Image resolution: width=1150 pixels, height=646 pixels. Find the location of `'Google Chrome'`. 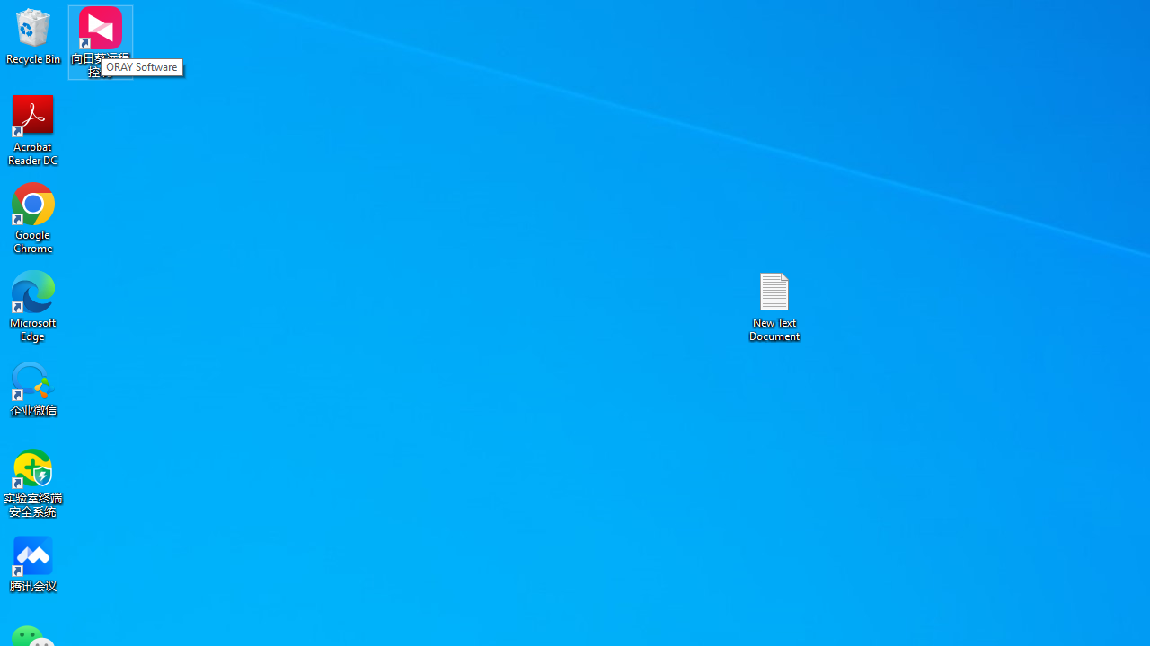

'Google Chrome' is located at coordinates (33, 217).